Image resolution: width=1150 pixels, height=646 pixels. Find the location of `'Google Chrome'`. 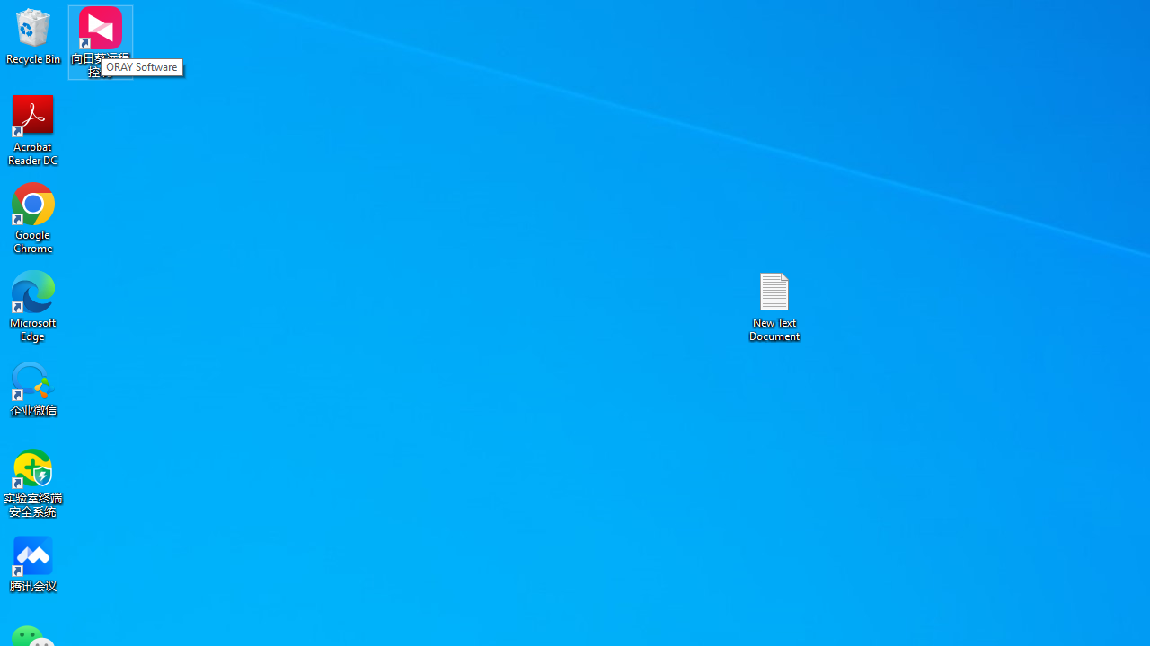

'Google Chrome' is located at coordinates (33, 217).